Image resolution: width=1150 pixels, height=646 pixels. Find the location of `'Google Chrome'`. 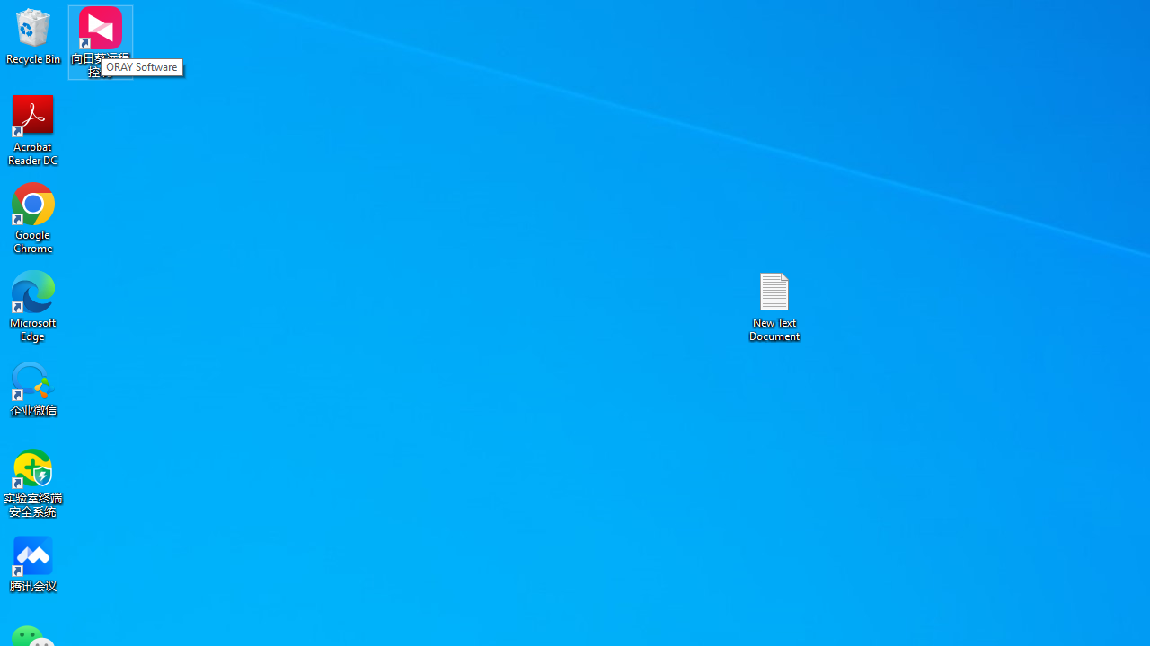

'Google Chrome' is located at coordinates (33, 217).